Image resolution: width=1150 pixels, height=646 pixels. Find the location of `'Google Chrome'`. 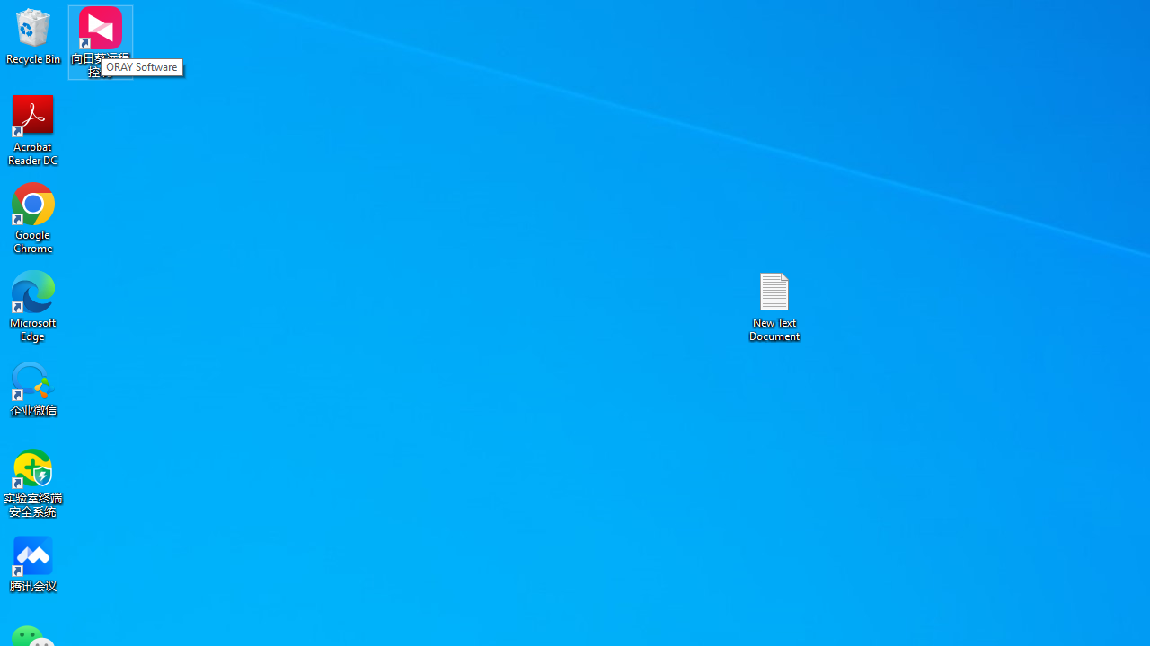

'Google Chrome' is located at coordinates (33, 217).